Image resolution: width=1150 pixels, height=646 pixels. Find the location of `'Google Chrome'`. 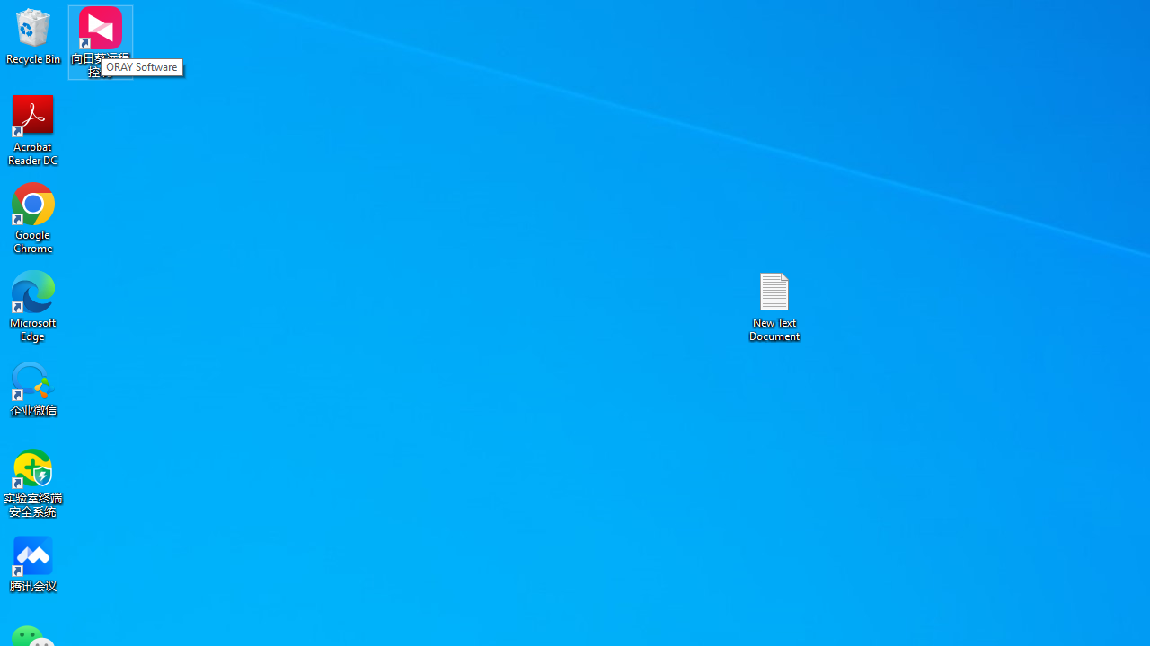

'Google Chrome' is located at coordinates (33, 217).